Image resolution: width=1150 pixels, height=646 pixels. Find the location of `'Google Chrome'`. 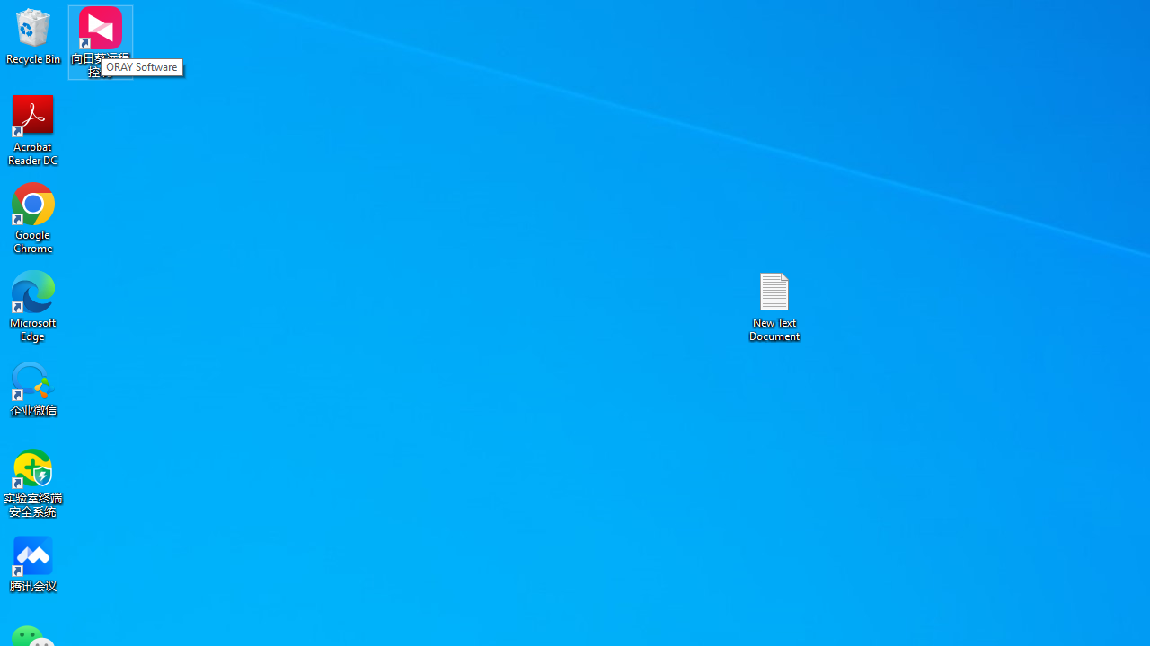

'Google Chrome' is located at coordinates (33, 217).